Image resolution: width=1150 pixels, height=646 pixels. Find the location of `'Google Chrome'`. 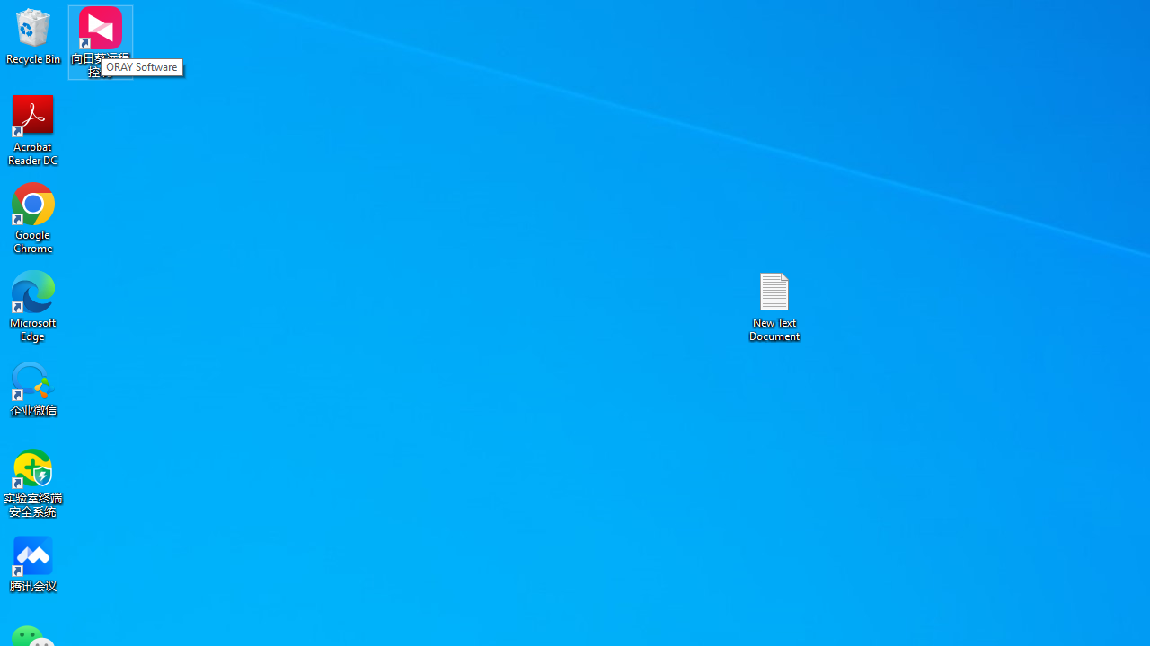

'Google Chrome' is located at coordinates (33, 217).